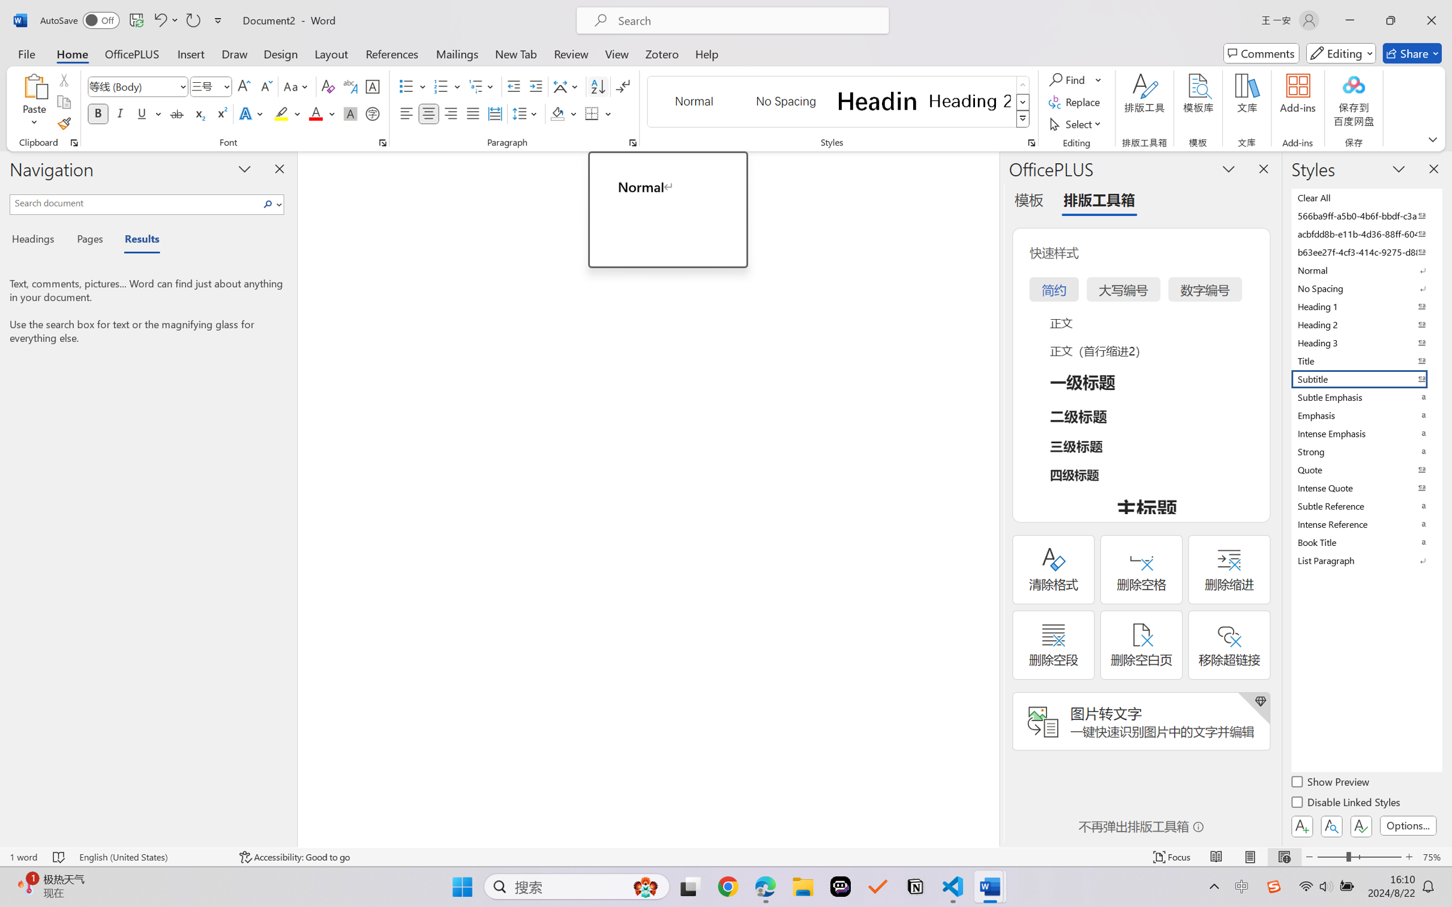  I want to click on 'Heading 3', so click(1365, 342).